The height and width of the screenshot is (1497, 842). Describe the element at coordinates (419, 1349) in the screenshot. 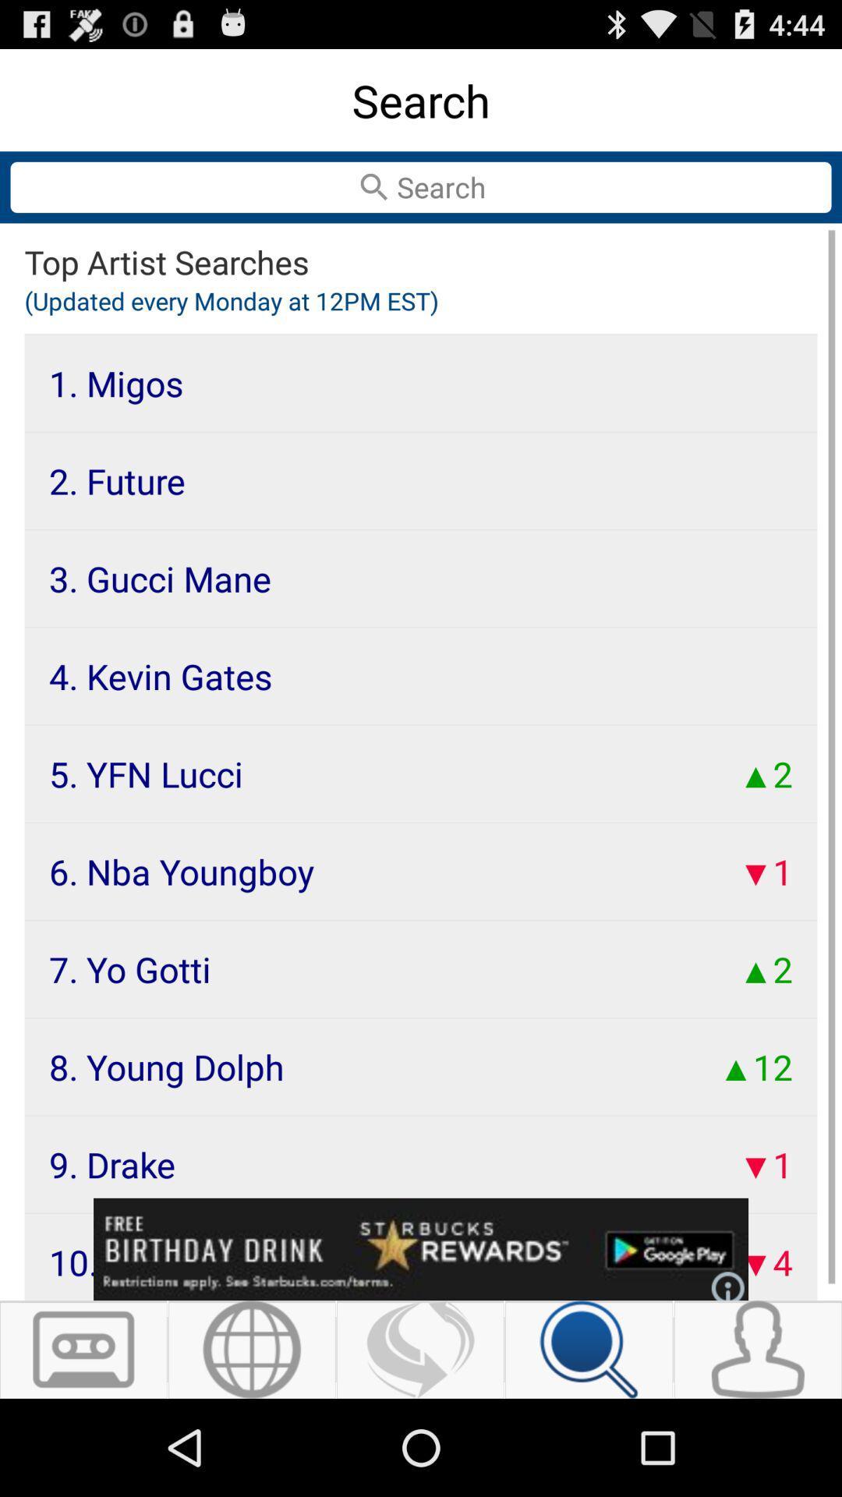

I see `refresh` at that location.